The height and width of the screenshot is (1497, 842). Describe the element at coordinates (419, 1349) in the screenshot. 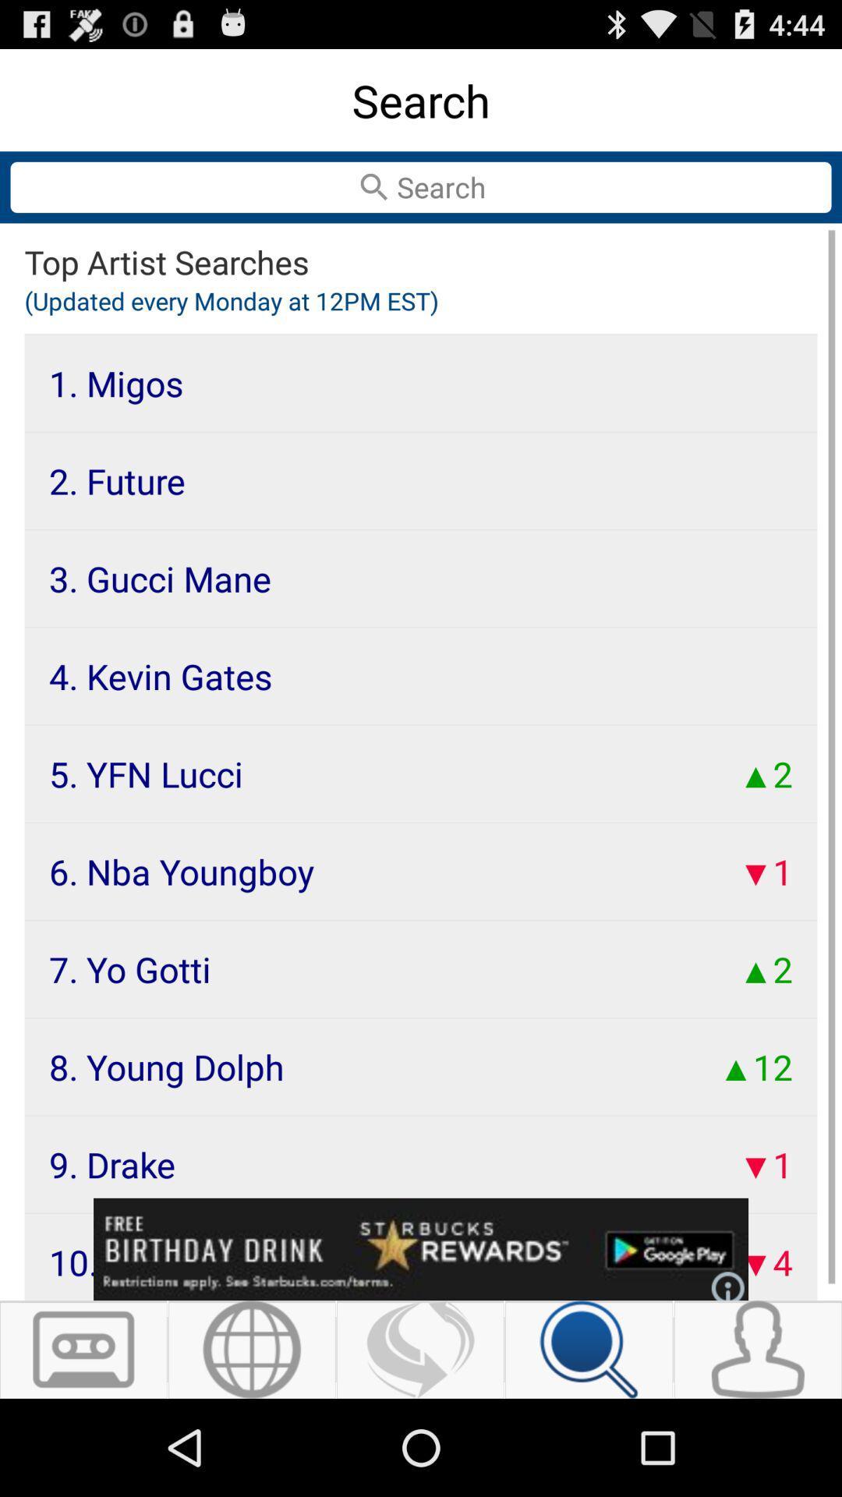

I see `refresh` at that location.